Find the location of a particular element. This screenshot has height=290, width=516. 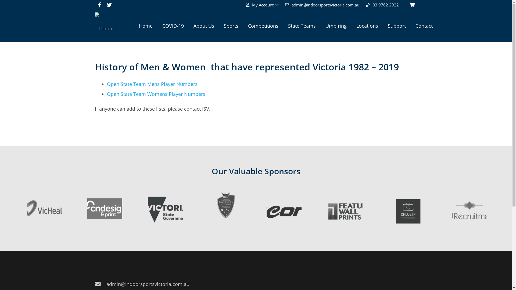

'Facebook' is located at coordinates (99, 5).